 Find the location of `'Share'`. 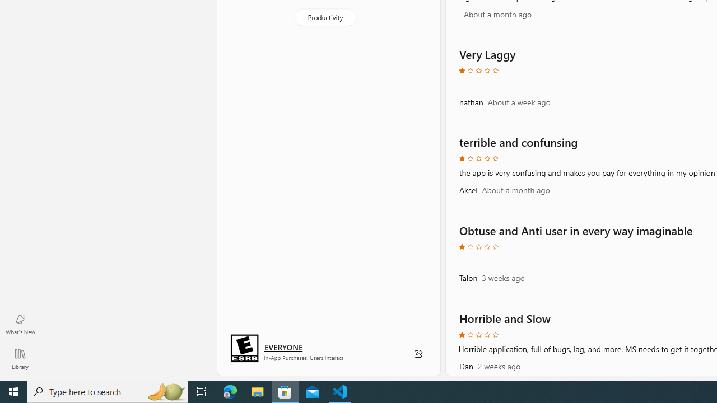

'Share' is located at coordinates (417, 354).